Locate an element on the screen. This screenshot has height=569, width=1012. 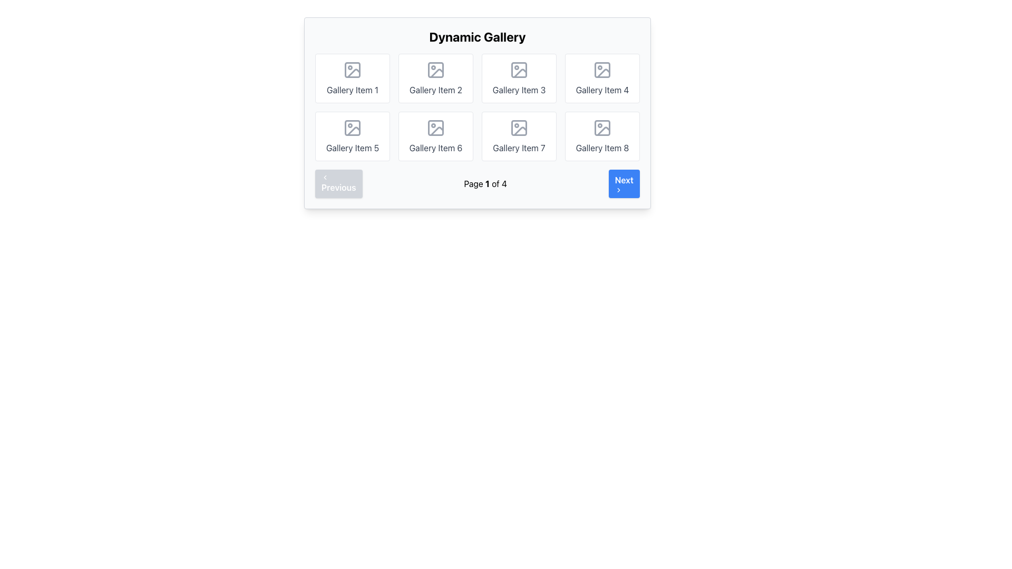
the gallery icon located in the center of 'Gallery Item 1' card is located at coordinates (352, 70).